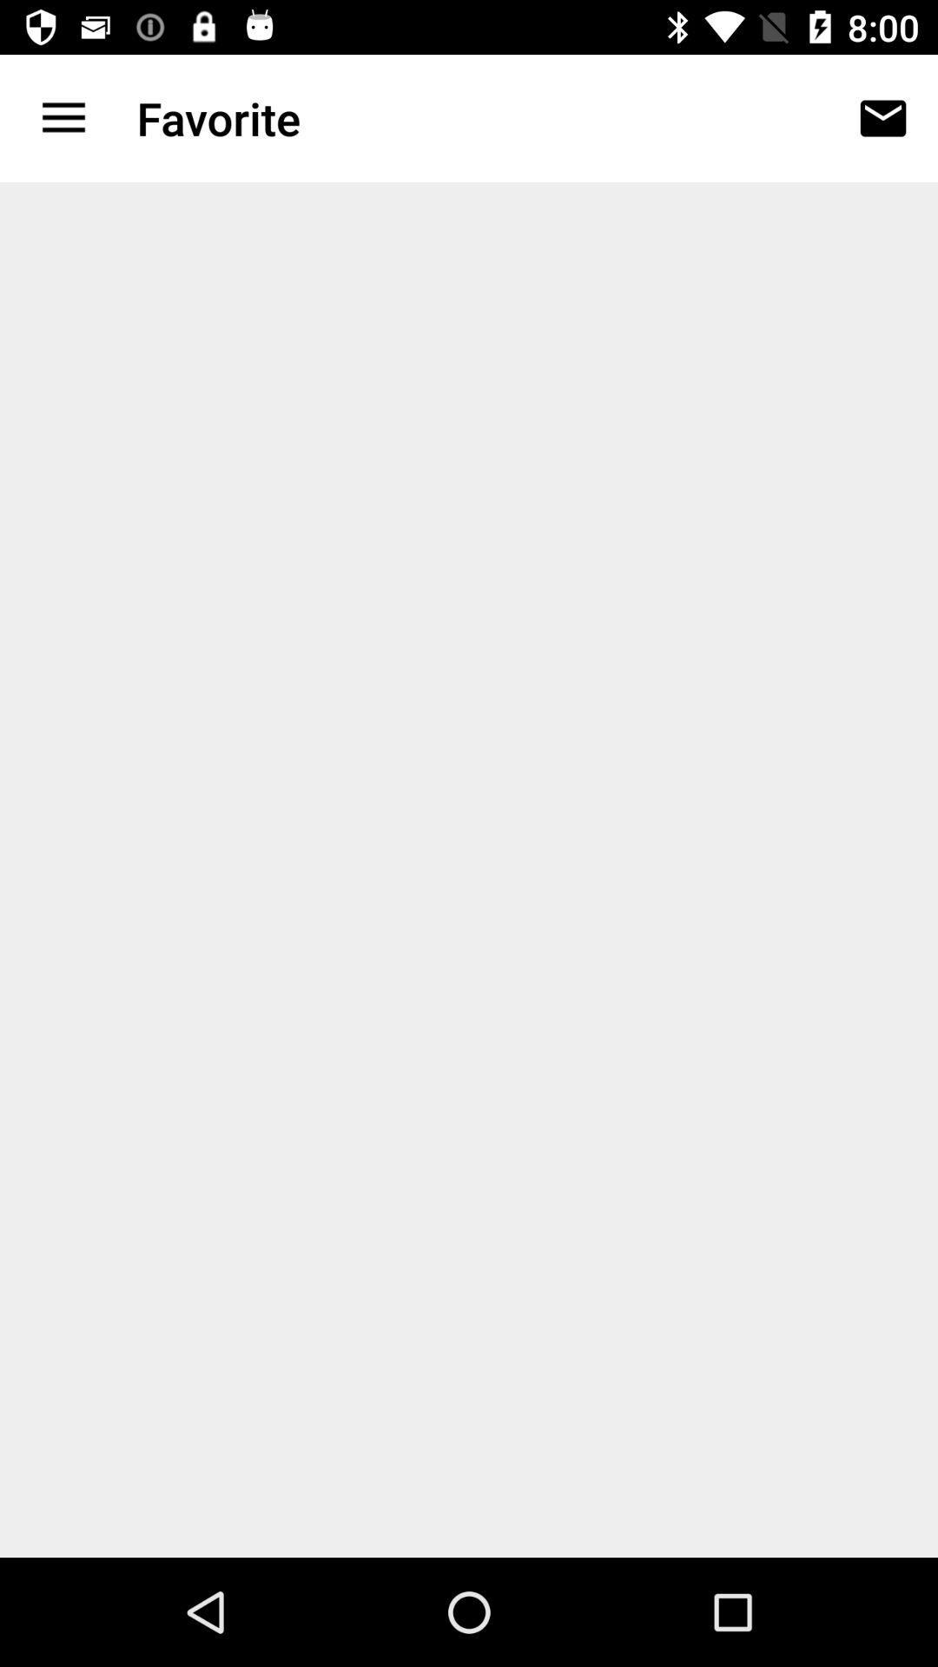  What do you see at coordinates (883, 117) in the screenshot?
I see `the icon to the right of favorite` at bounding box center [883, 117].